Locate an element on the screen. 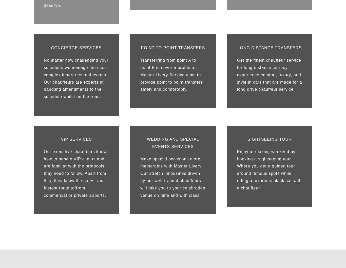  'Make special occasions more memorable with Master Livery. Our stretch limousines driven by our well-trained chauffeurs will take you to your celebration venue on time and with class.' is located at coordinates (172, 177).